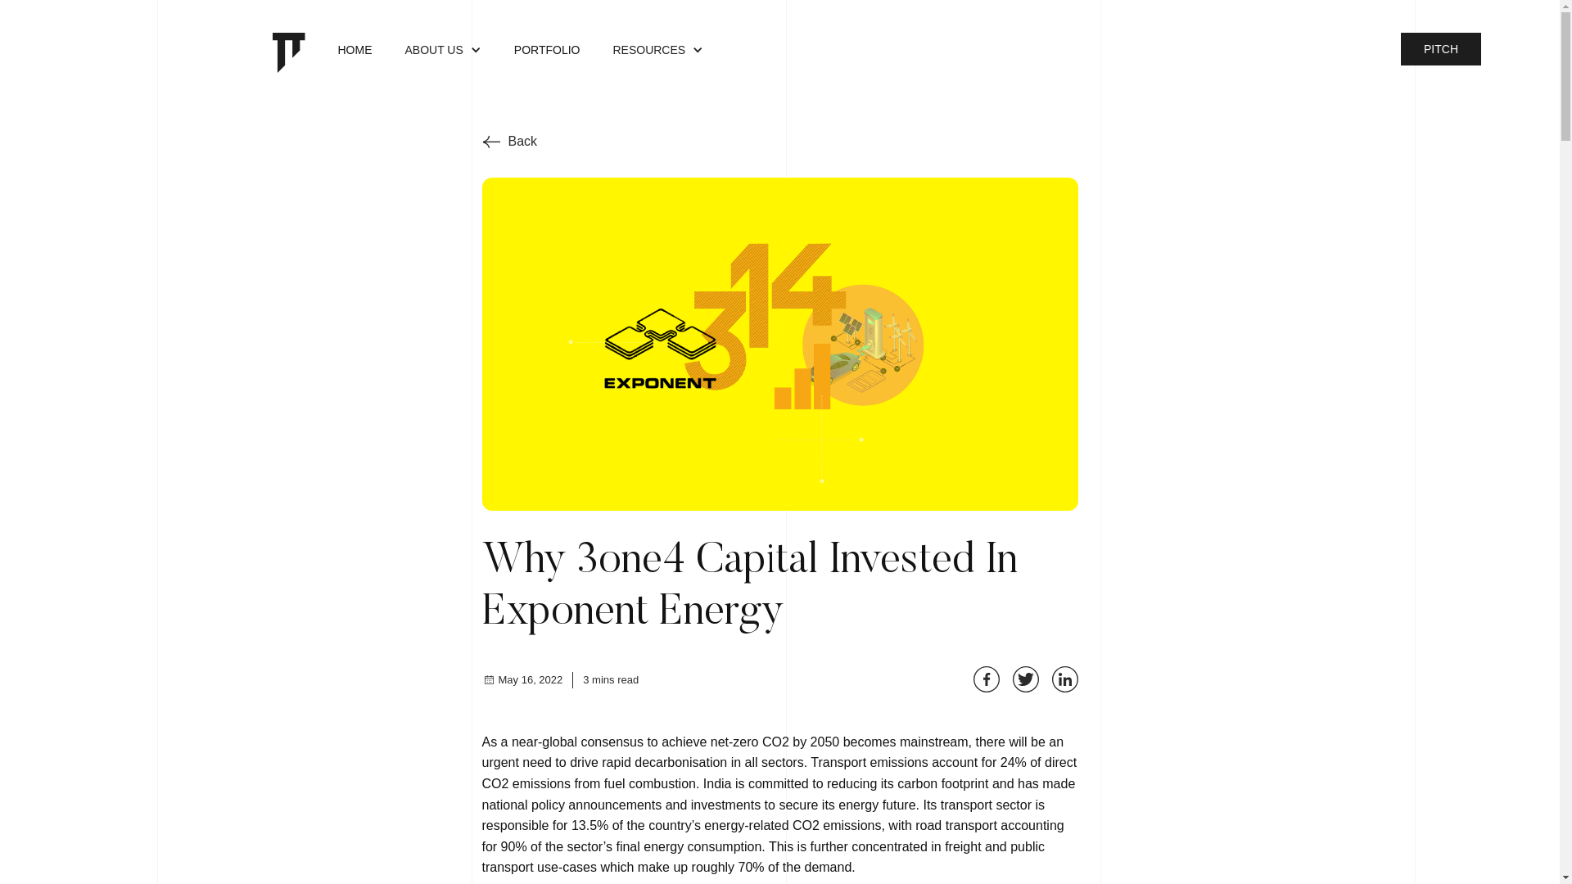  What do you see at coordinates (321, 52) in the screenshot?
I see `'HOME'` at bounding box center [321, 52].